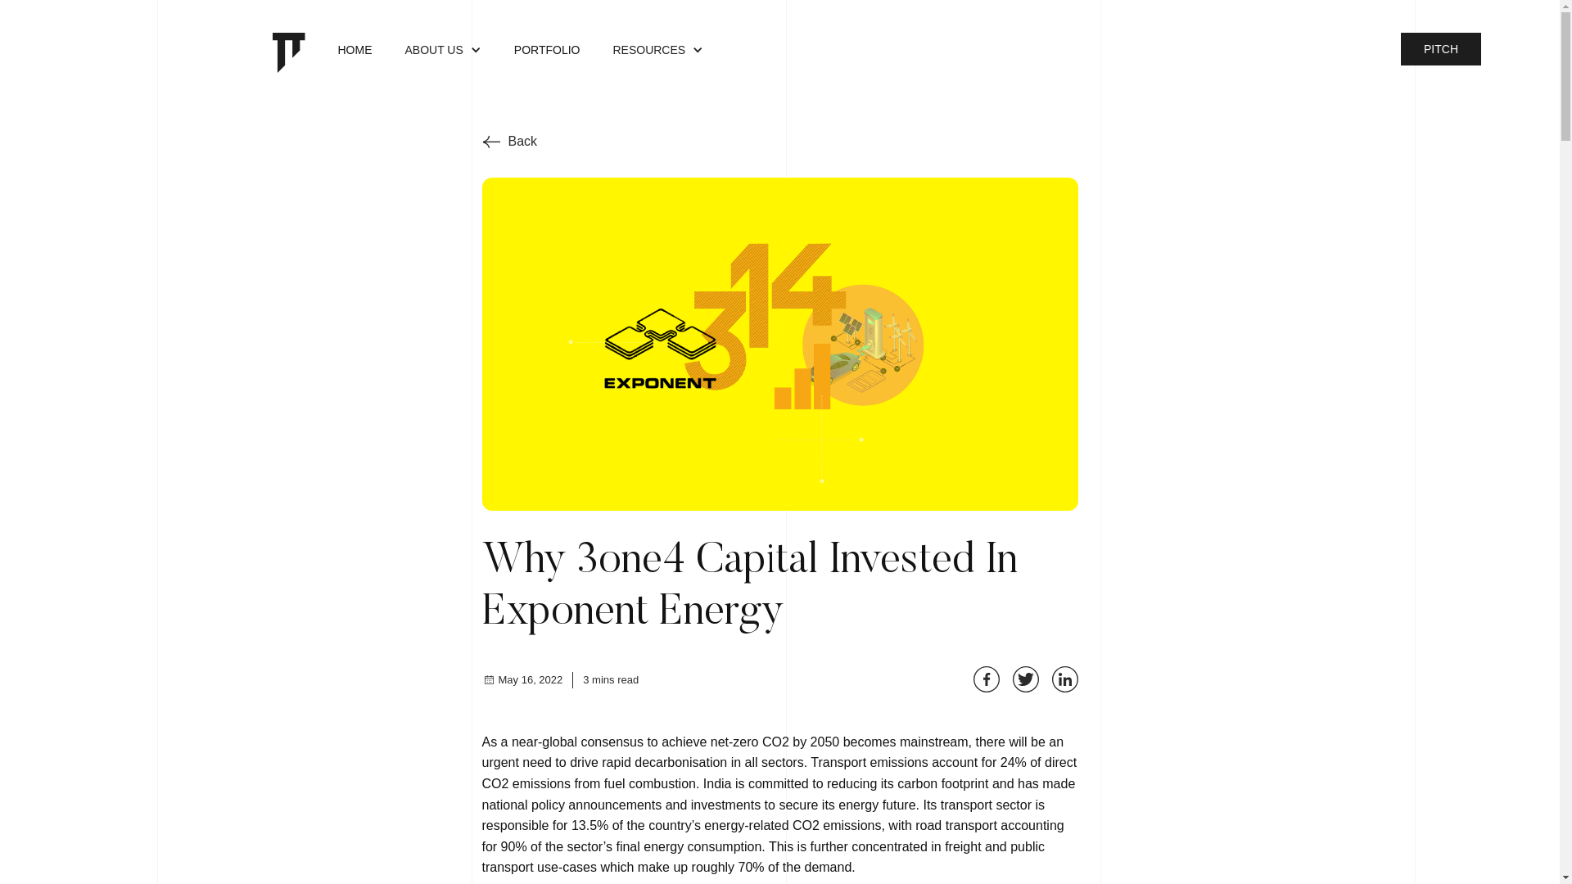  What do you see at coordinates (321, 52) in the screenshot?
I see `'HOME'` at bounding box center [321, 52].